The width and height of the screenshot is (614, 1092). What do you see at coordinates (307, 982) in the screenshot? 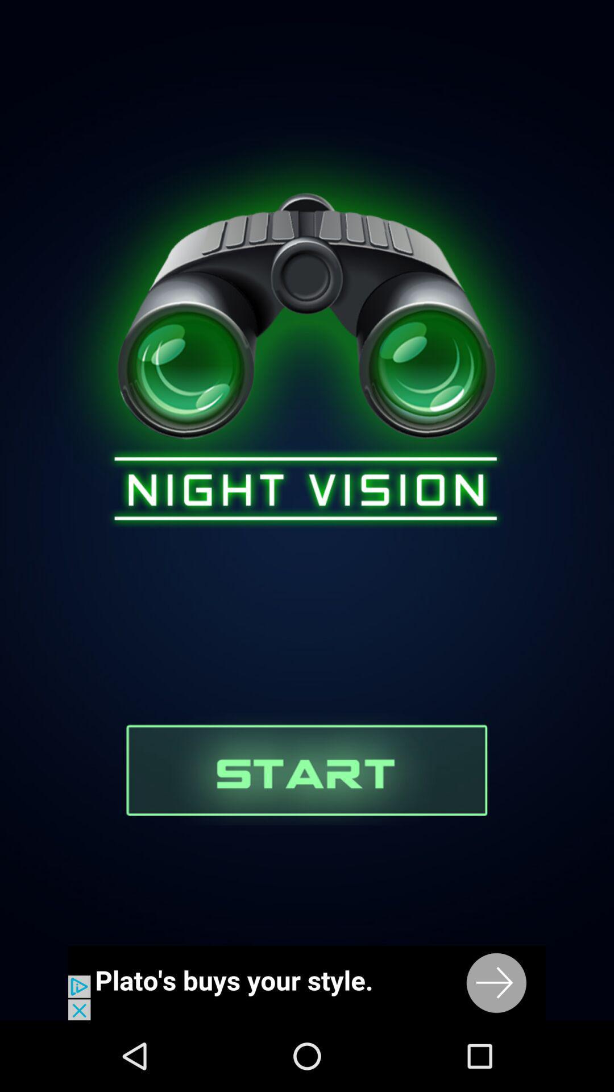
I see `this advertisement` at bounding box center [307, 982].